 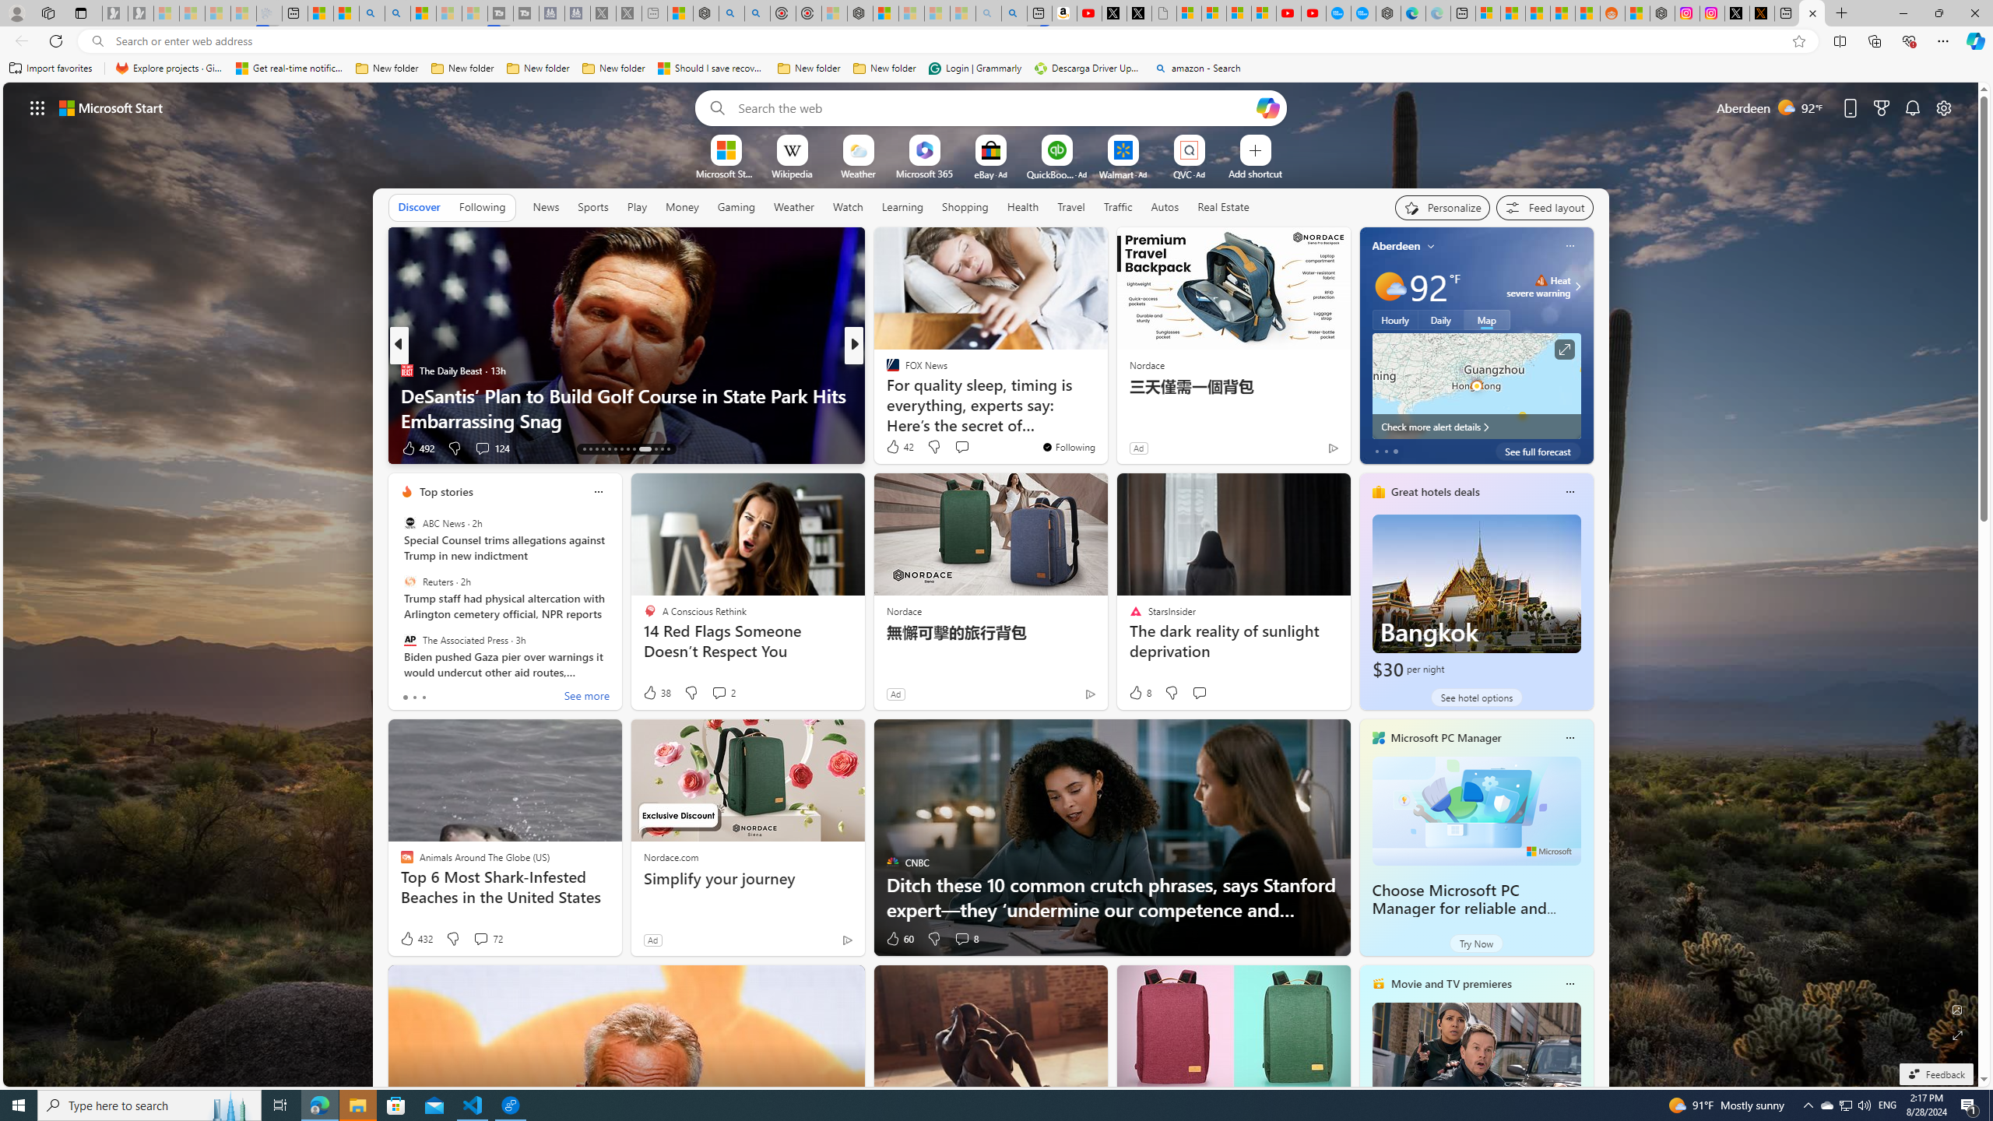 What do you see at coordinates (584, 449) in the screenshot?
I see `'AutomationID: tab-13'` at bounding box center [584, 449].